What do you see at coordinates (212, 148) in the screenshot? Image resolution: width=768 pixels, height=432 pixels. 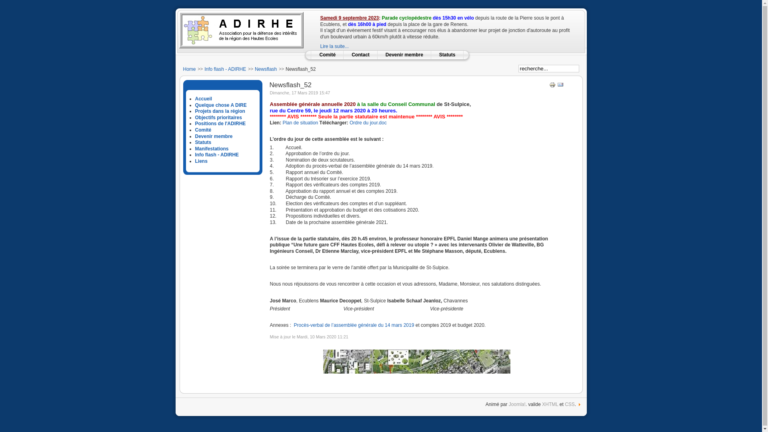 I see `'Manifestations'` at bounding box center [212, 148].